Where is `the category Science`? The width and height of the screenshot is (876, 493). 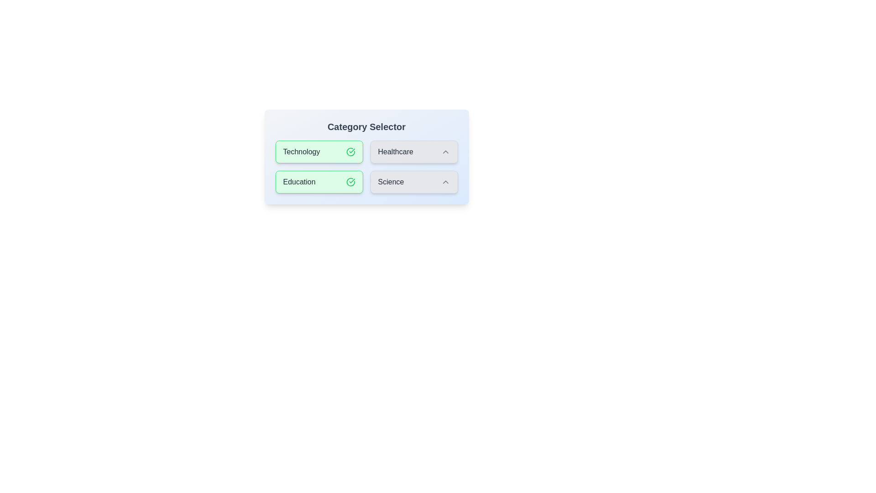 the category Science is located at coordinates (413, 182).